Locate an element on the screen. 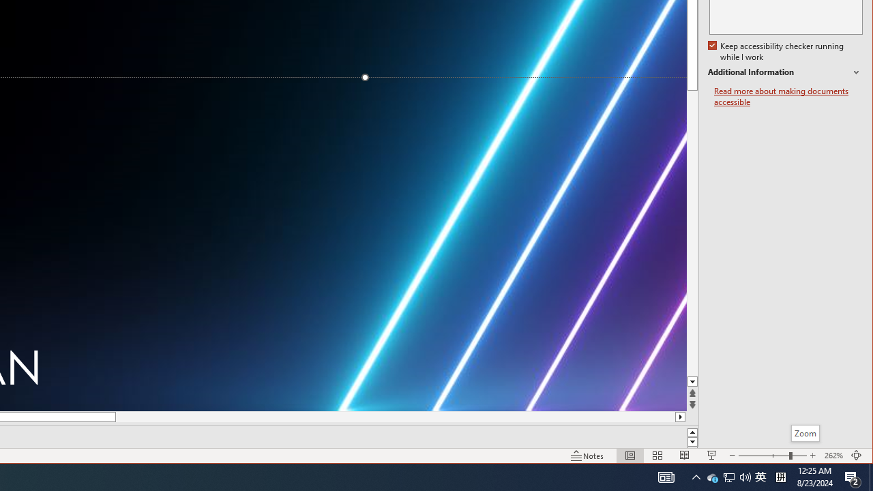  'Zoom Out' is located at coordinates (764, 456).